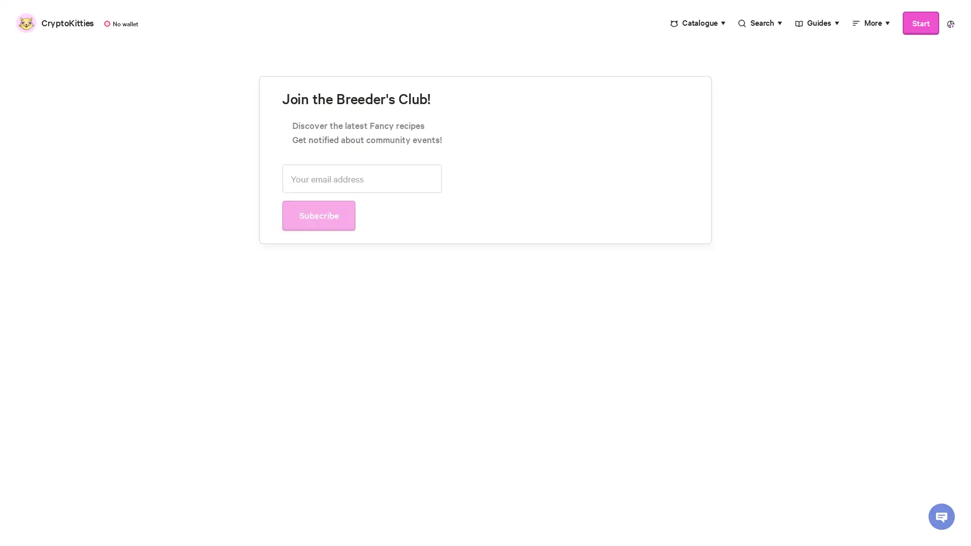 The height and width of the screenshot is (546, 971). I want to click on Start, so click(920, 23).